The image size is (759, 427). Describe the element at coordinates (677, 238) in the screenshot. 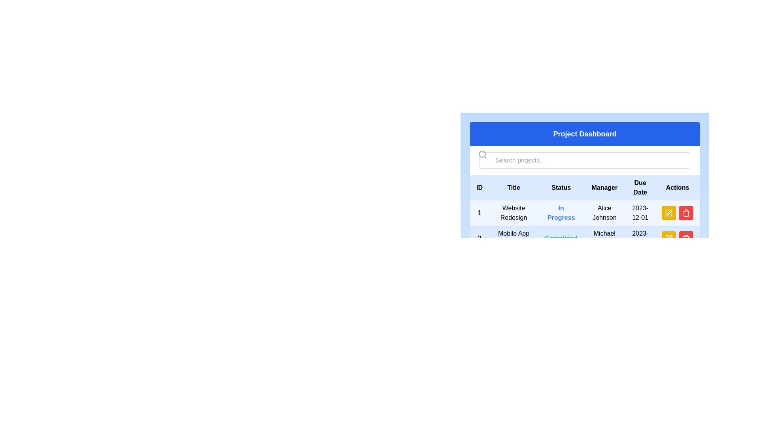

I see `the edit button located in the second row of the table under the 'Actions' column` at that location.